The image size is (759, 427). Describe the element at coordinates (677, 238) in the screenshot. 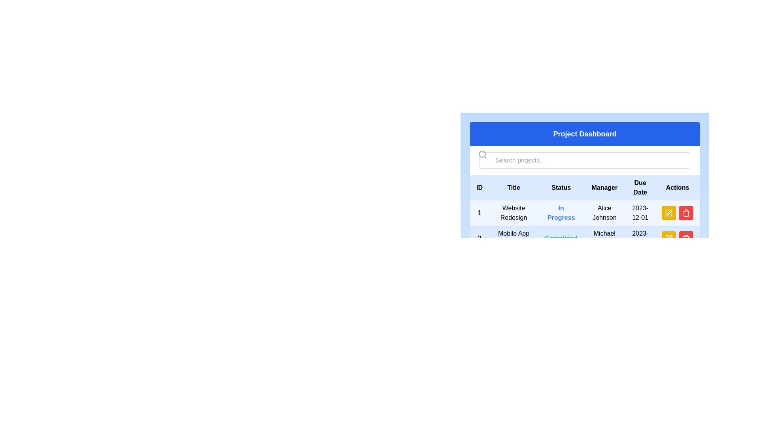

I see `the edit button located in the second row of the table under the 'Actions' column` at that location.